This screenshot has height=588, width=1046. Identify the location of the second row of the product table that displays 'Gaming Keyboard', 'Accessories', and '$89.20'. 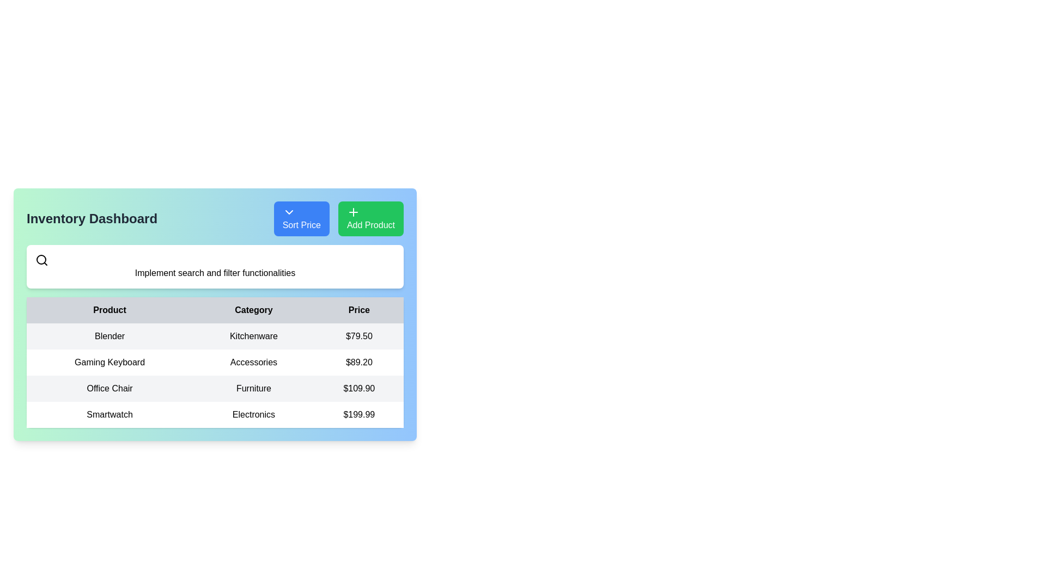
(215, 375).